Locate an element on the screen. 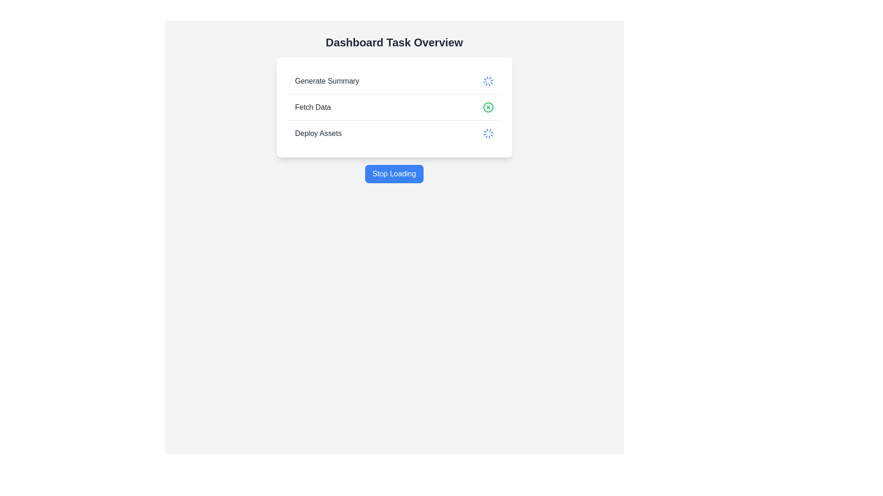 This screenshot has width=883, height=496. the List item displaying the task labeled 'Fetch Data', which is the second item in a vertical list of three tasks is located at coordinates (394, 107).